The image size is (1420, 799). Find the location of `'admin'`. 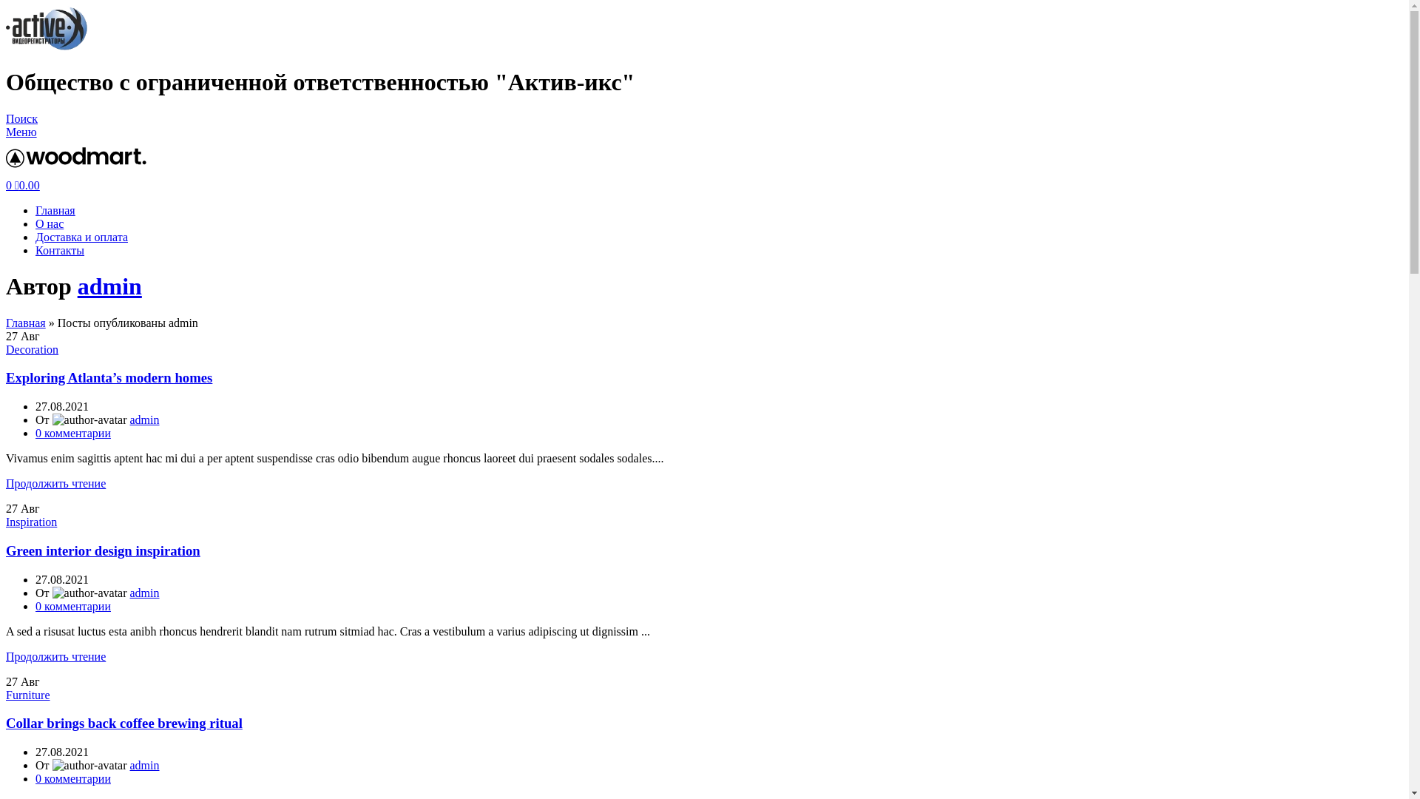

'admin' is located at coordinates (130, 419).